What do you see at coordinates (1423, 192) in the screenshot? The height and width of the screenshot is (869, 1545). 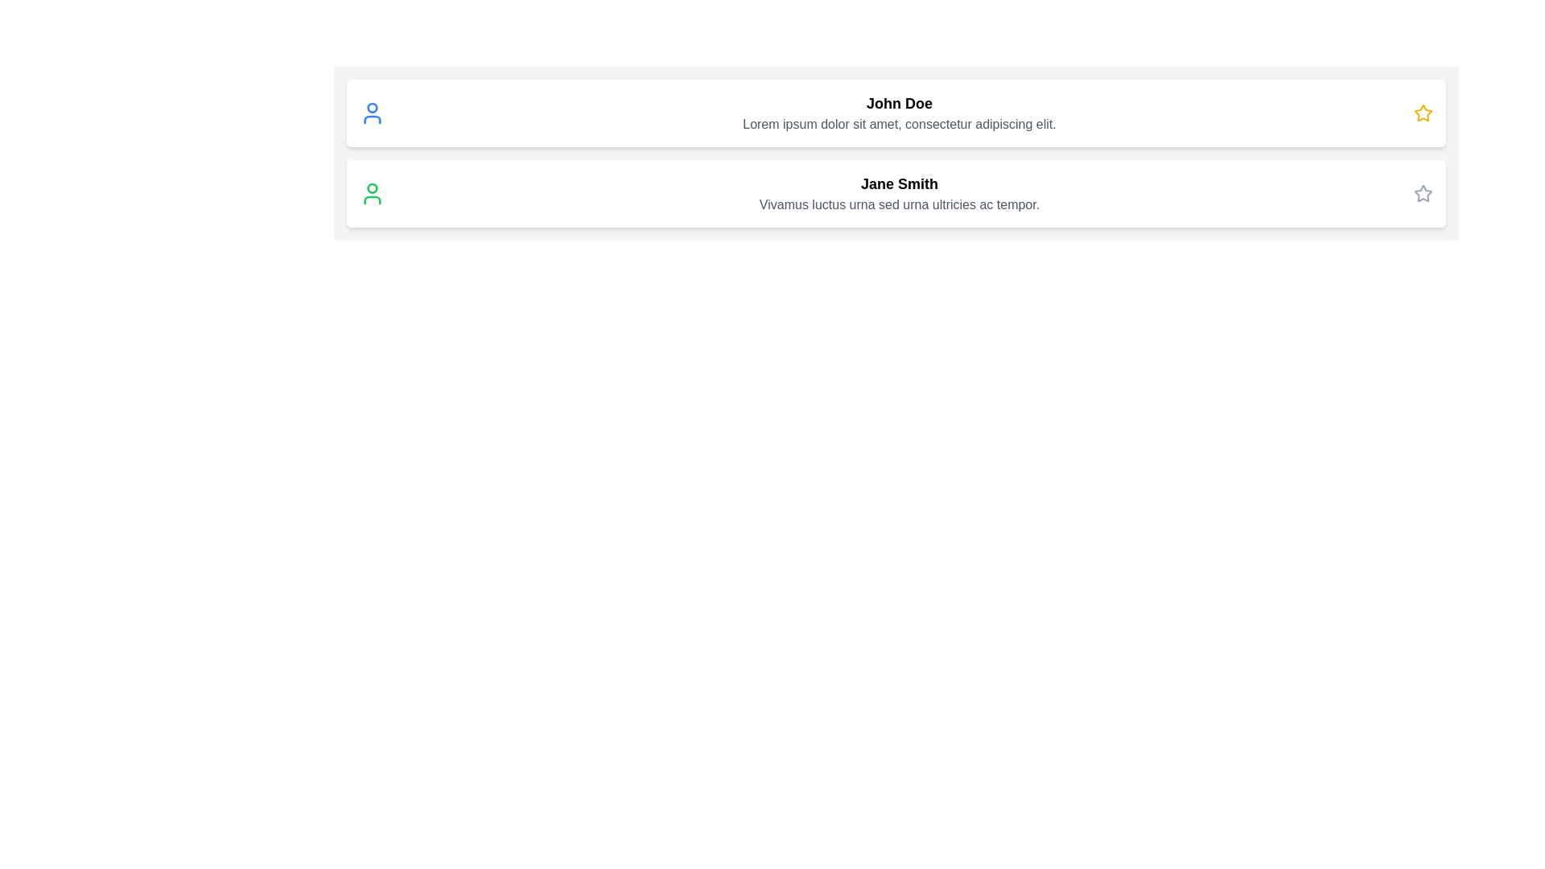 I see `the second star-shaped icon in the bottom card` at bounding box center [1423, 192].